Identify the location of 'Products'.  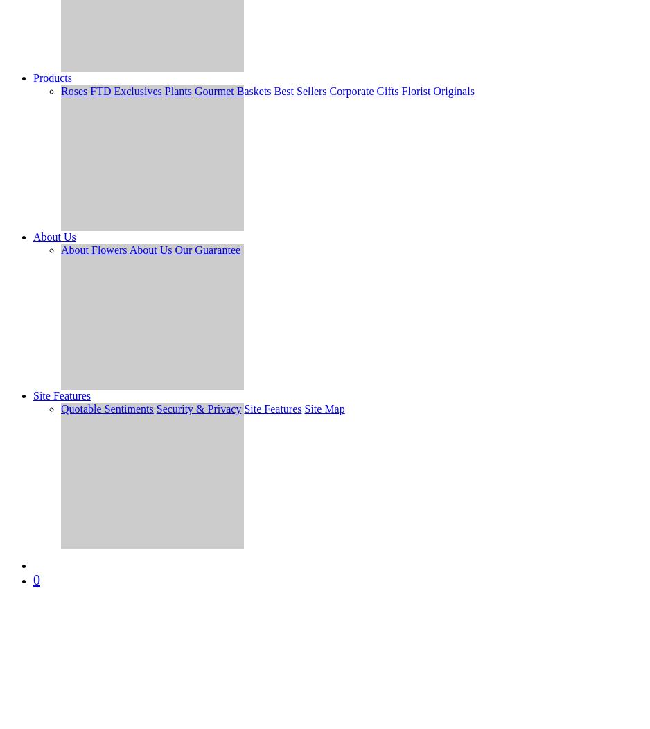
(52, 78).